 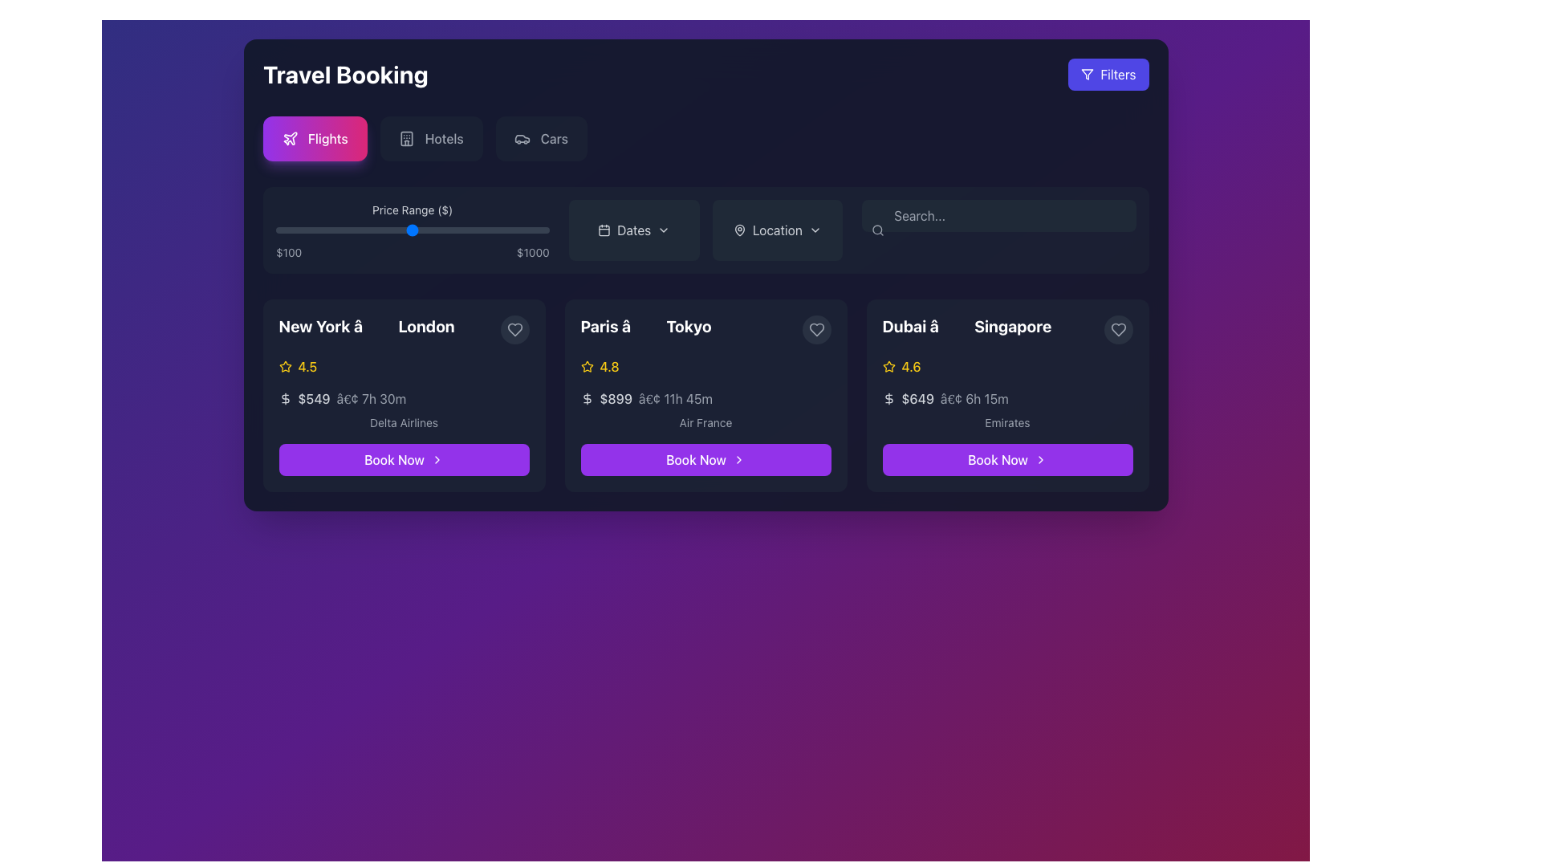 I want to click on the informative text label displaying the flight duration located beneath the price '$549' in the leftmost flight selection card, so click(x=370, y=398).